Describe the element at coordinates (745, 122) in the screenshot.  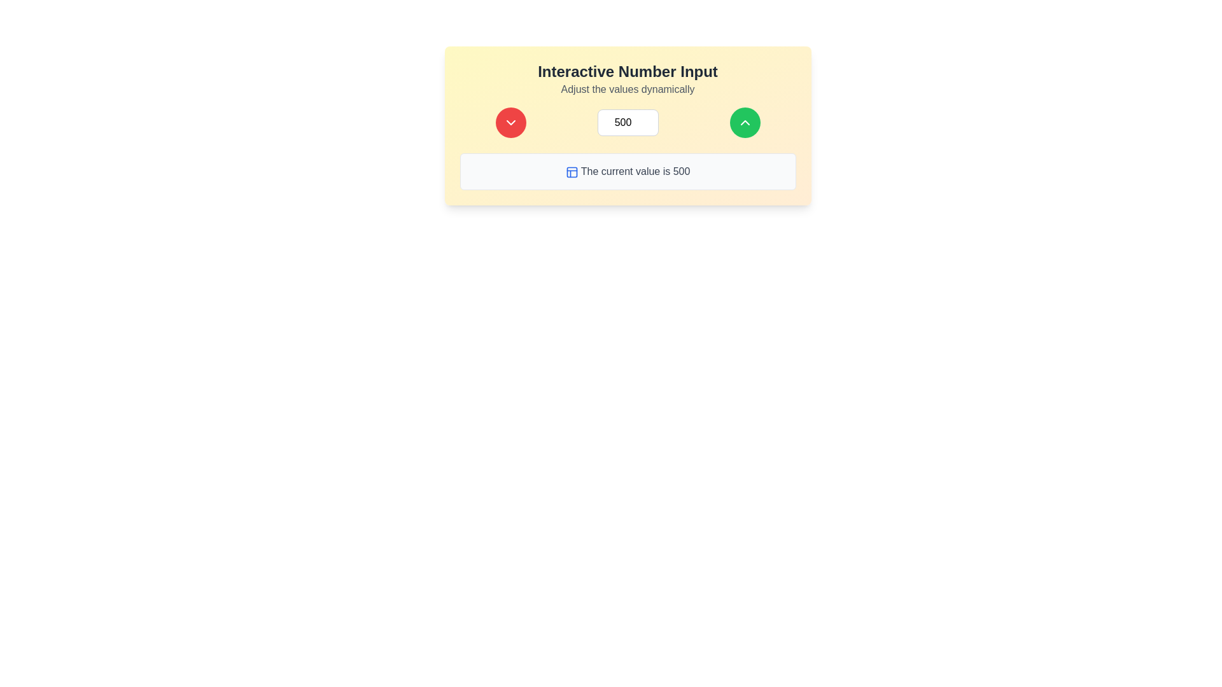
I see `the circular green button with a white upward-pointing chevron icon to increment the value` at that location.